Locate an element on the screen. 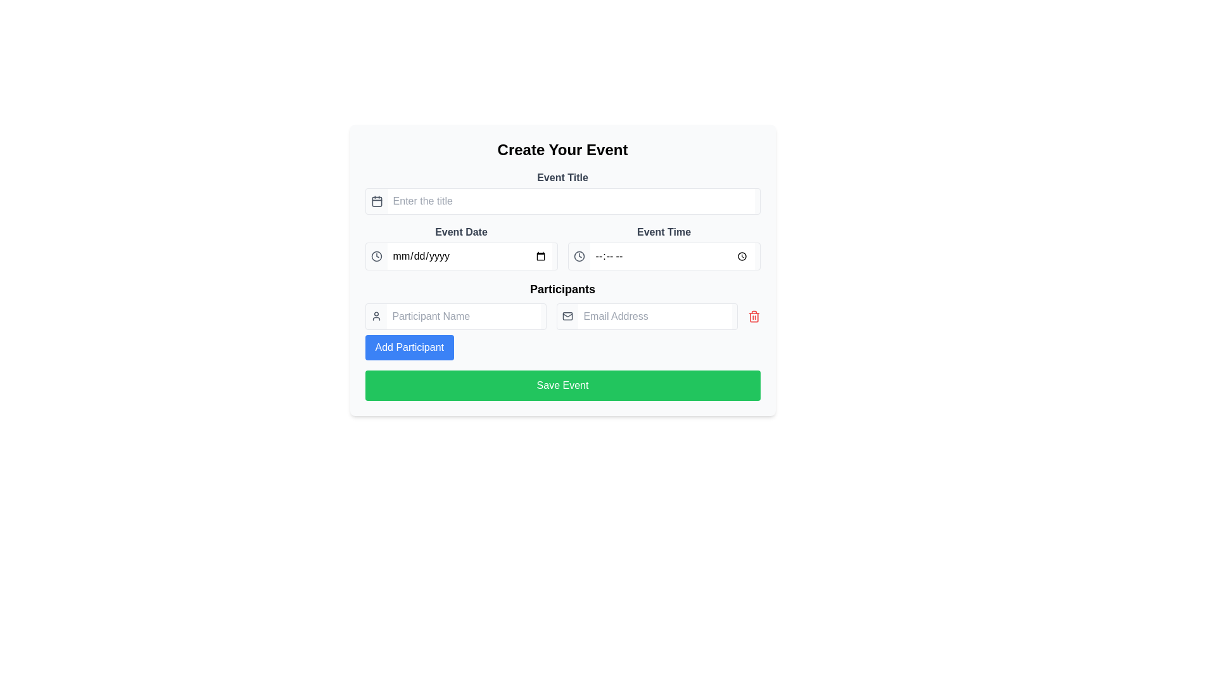  the decorative or indicative icon located to the left of the 'Enter the title' input field, which signifies the purpose of the field for scheduling or calendar events is located at coordinates (376, 200).